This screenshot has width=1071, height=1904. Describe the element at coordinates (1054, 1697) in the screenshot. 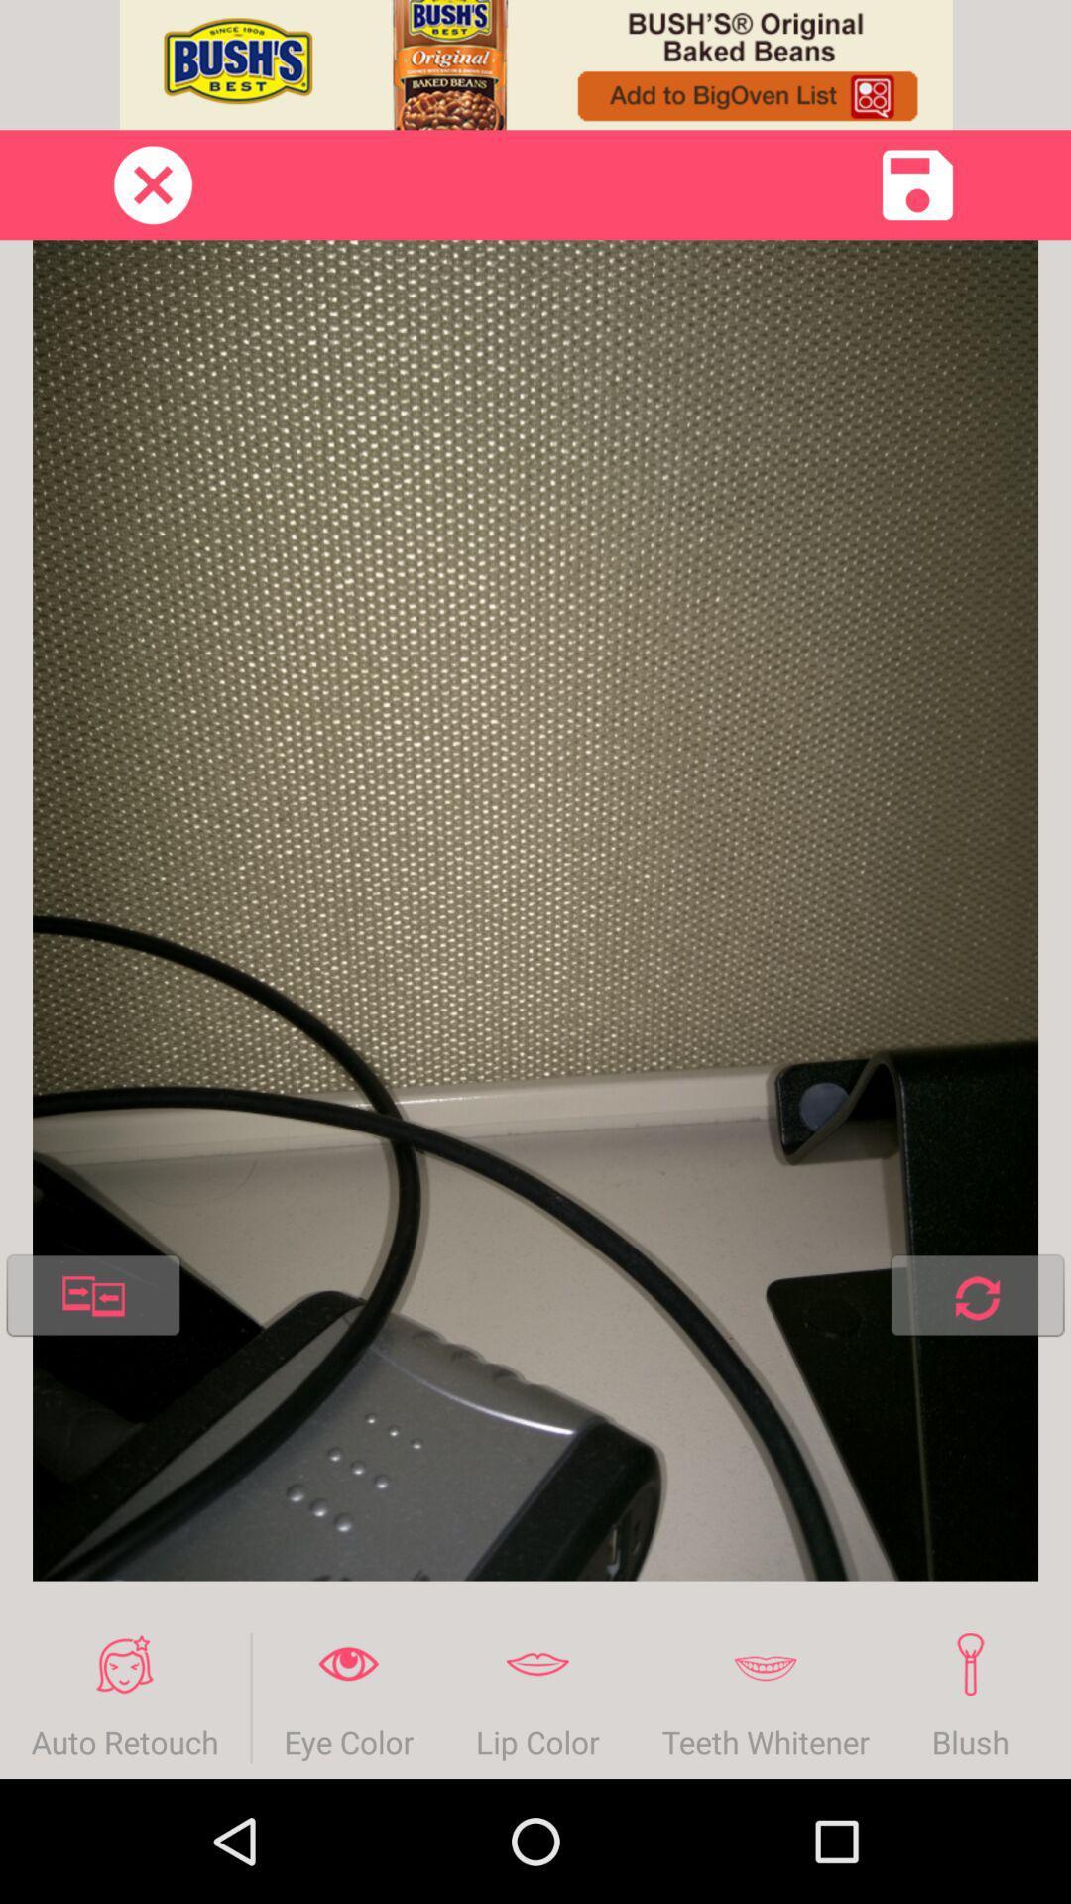

I see `the item to the right of the blush icon` at that location.